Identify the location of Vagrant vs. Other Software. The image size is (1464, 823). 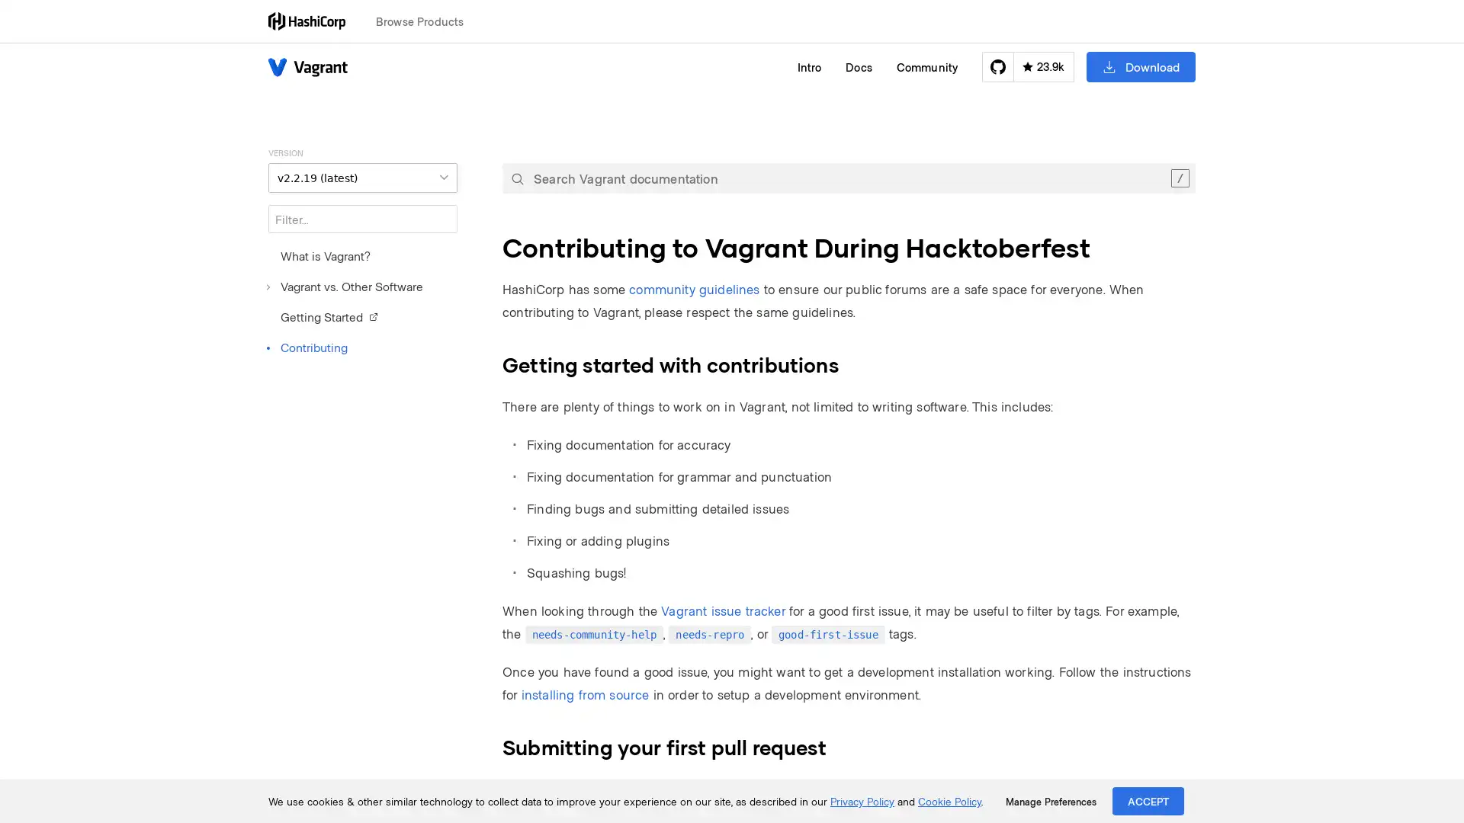
(345, 286).